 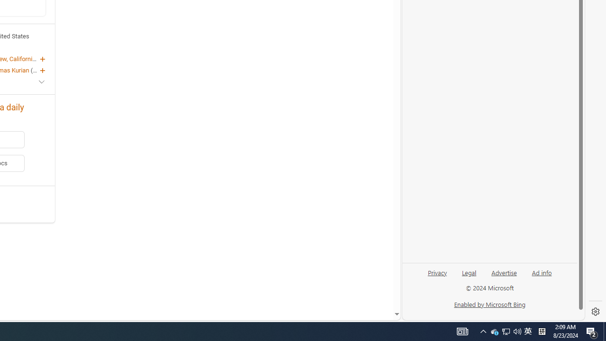 I want to click on 'Ad info', so click(x=542, y=276).